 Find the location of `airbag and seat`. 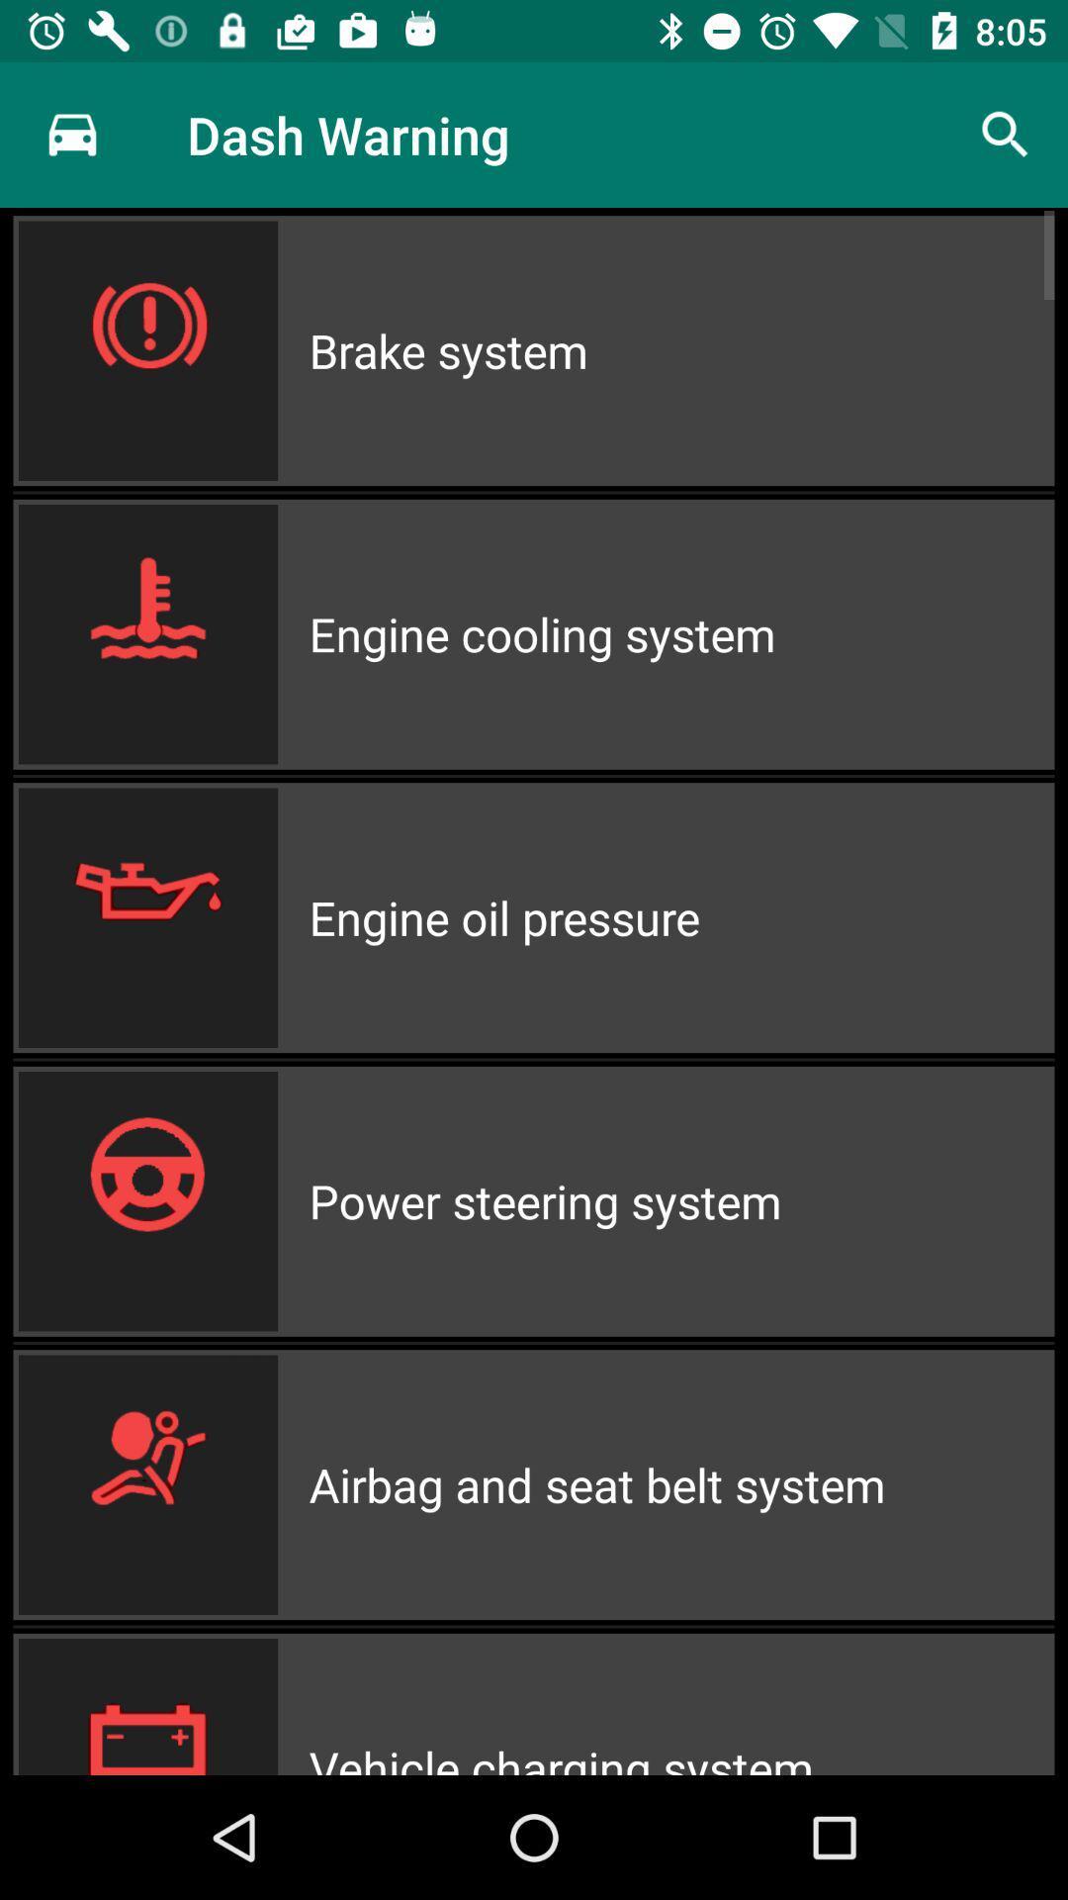

airbag and seat is located at coordinates (680, 1484).